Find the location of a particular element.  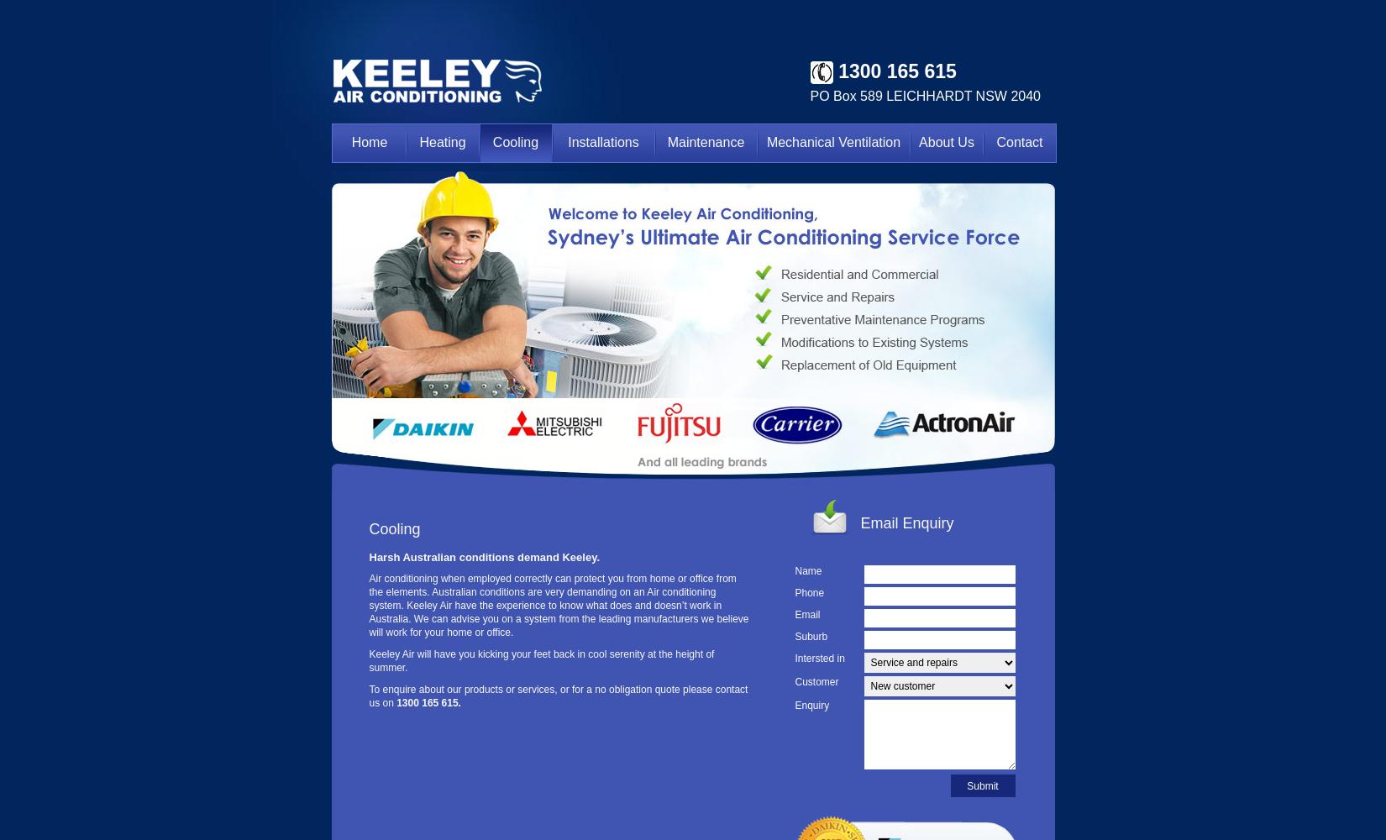

'Email Enquiry' is located at coordinates (906, 522).